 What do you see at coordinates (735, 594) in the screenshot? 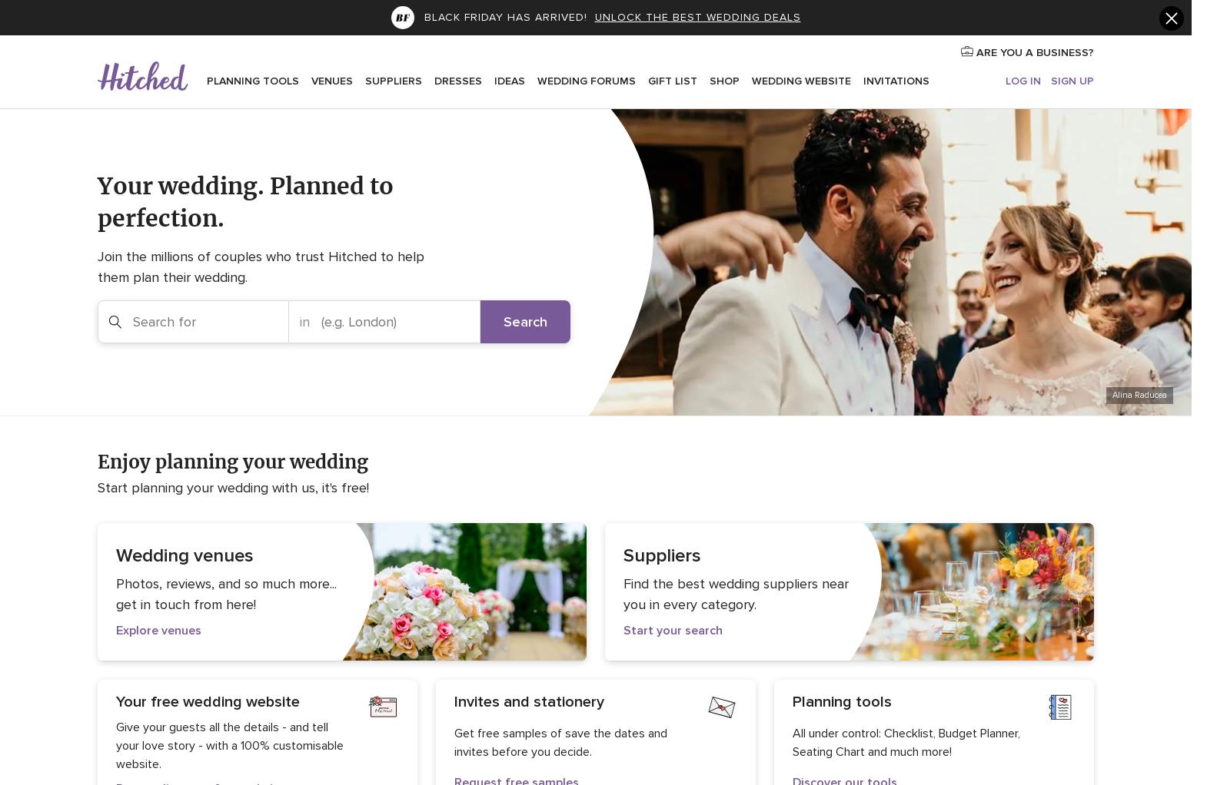
I see `'Find the best wedding suppliers near you in every category.'` at bounding box center [735, 594].